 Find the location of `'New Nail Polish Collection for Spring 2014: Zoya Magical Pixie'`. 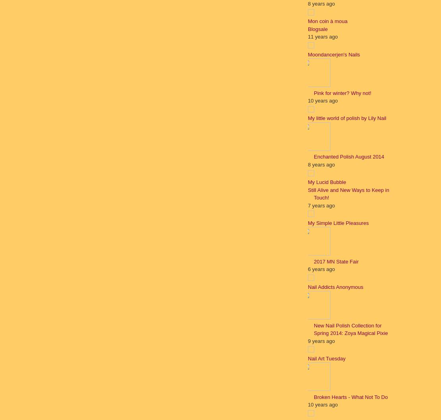

'New Nail Polish Collection for Spring 2014: Zoya Magical Pixie' is located at coordinates (350, 329).